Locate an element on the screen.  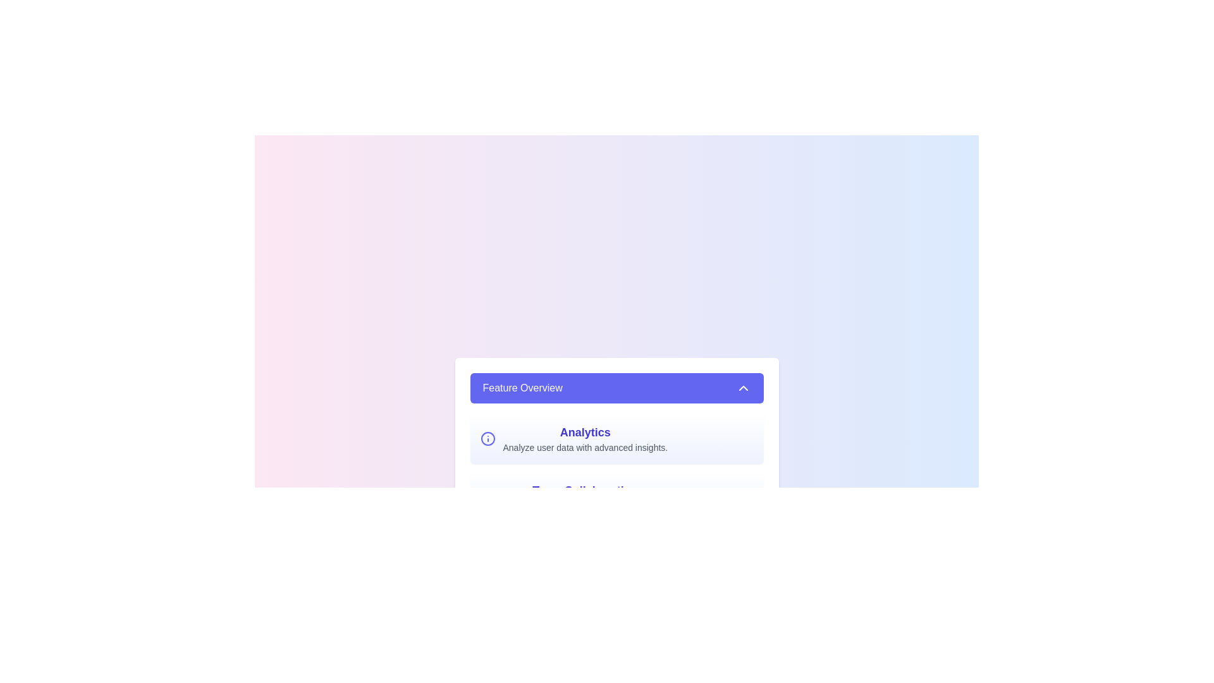
the informational text block containing the bold indigo word 'Analytics' and the smaller gray text 'Analyze user data with advanced insights' to read its content clearly is located at coordinates (584, 438).